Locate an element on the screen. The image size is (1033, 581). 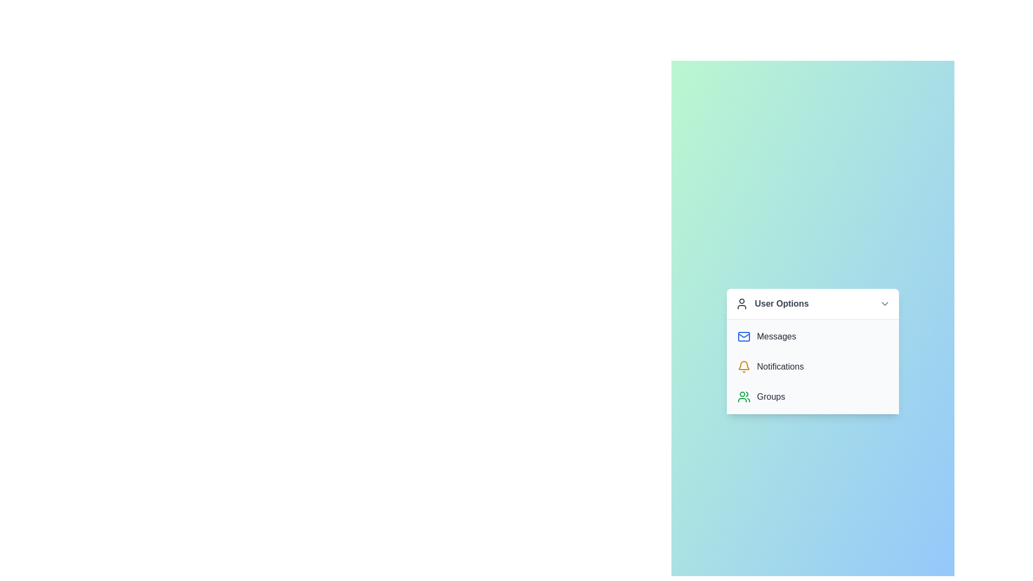
the 'Messages' text label located in the user options dropdown panel, positioned between the blue envelope icon and the 'Notifications' label is located at coordinates (776, 336).